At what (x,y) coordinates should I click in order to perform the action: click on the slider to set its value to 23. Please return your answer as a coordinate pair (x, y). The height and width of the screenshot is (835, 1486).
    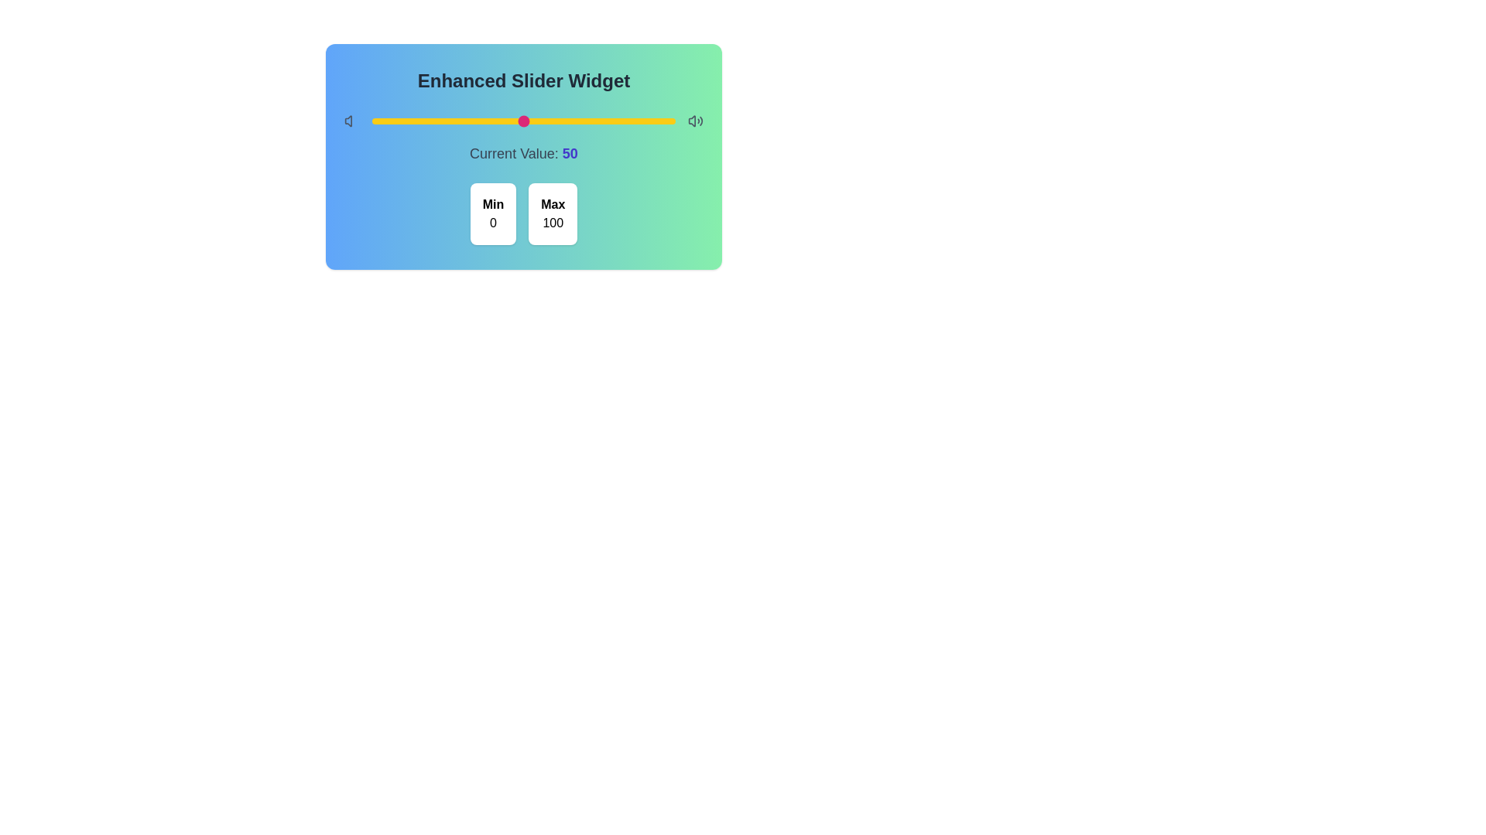
    Looking at the image, I should click on (441, 121).